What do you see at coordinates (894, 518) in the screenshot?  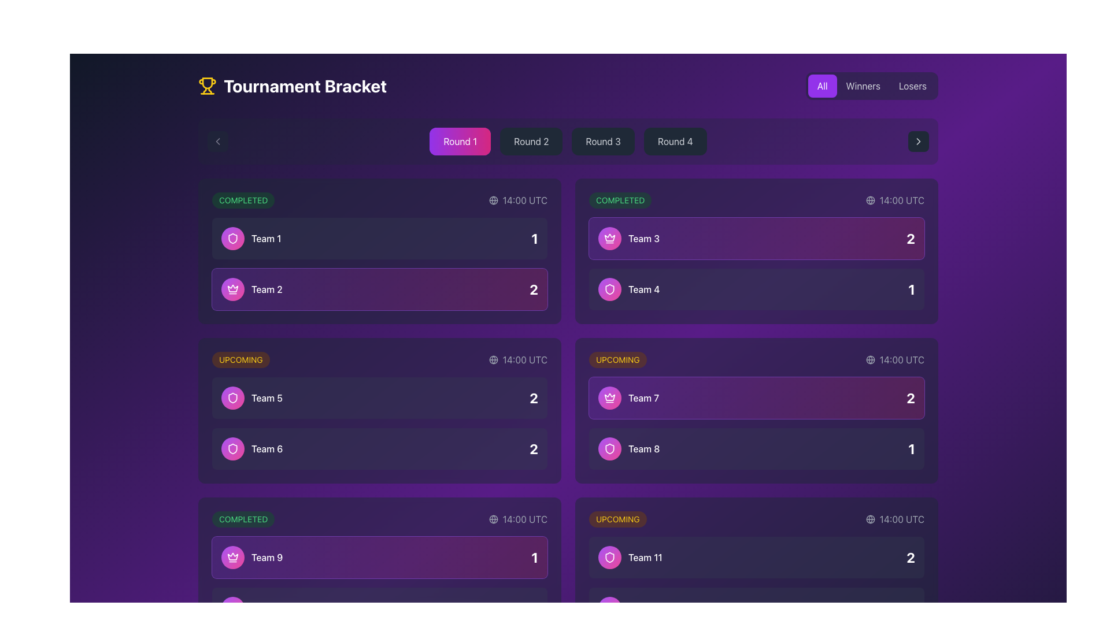 I see `the static informational text '14:00 UTC' with an accompanying globe icon, located within a dark purple background` at bounding box center [894, 518].